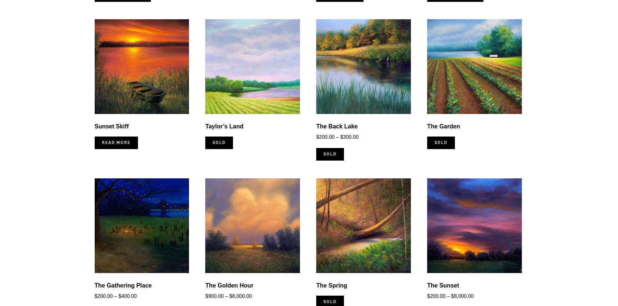 Image resolution: width=618 pixels, height=306 pixels. Describe the element at coordinates (216, 296) in the screenshot. I see `'900.00'` at that location.